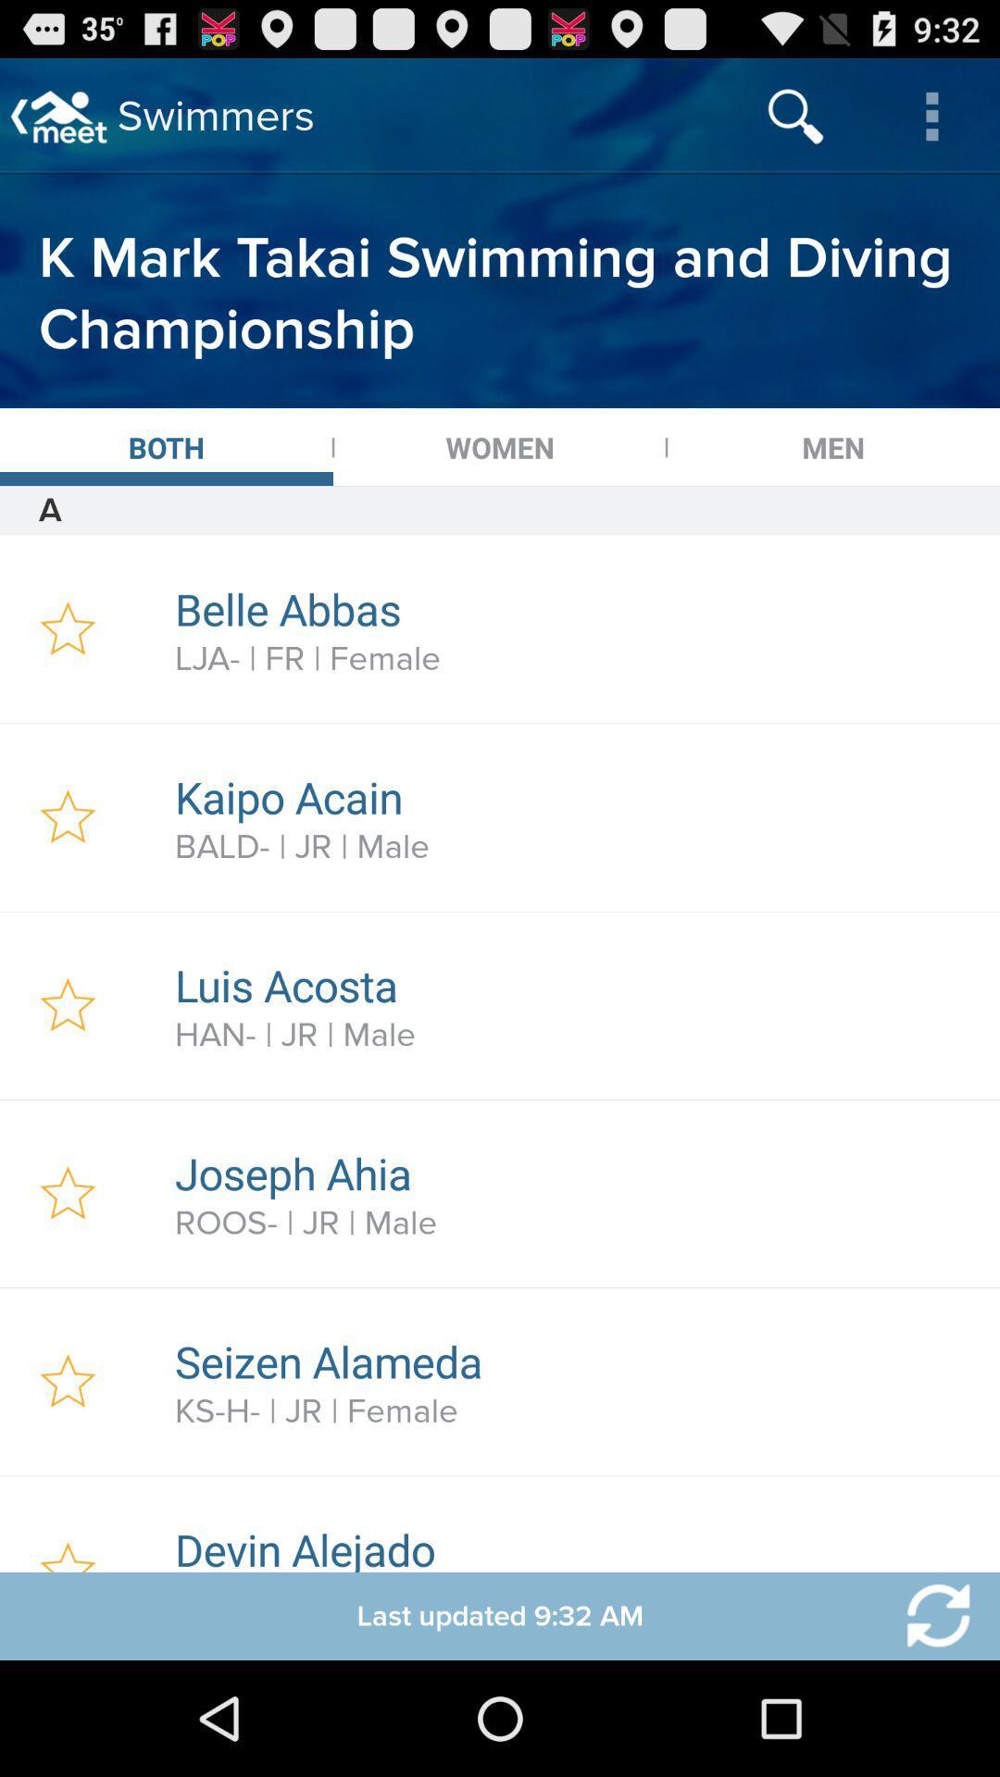 This screenshot has width=1000, height=1777. What do you see at coordinates (577, 1361) in the screenshot?
I see `the icon below the roos- | jr | male item` at bounding box center [577, 1361].